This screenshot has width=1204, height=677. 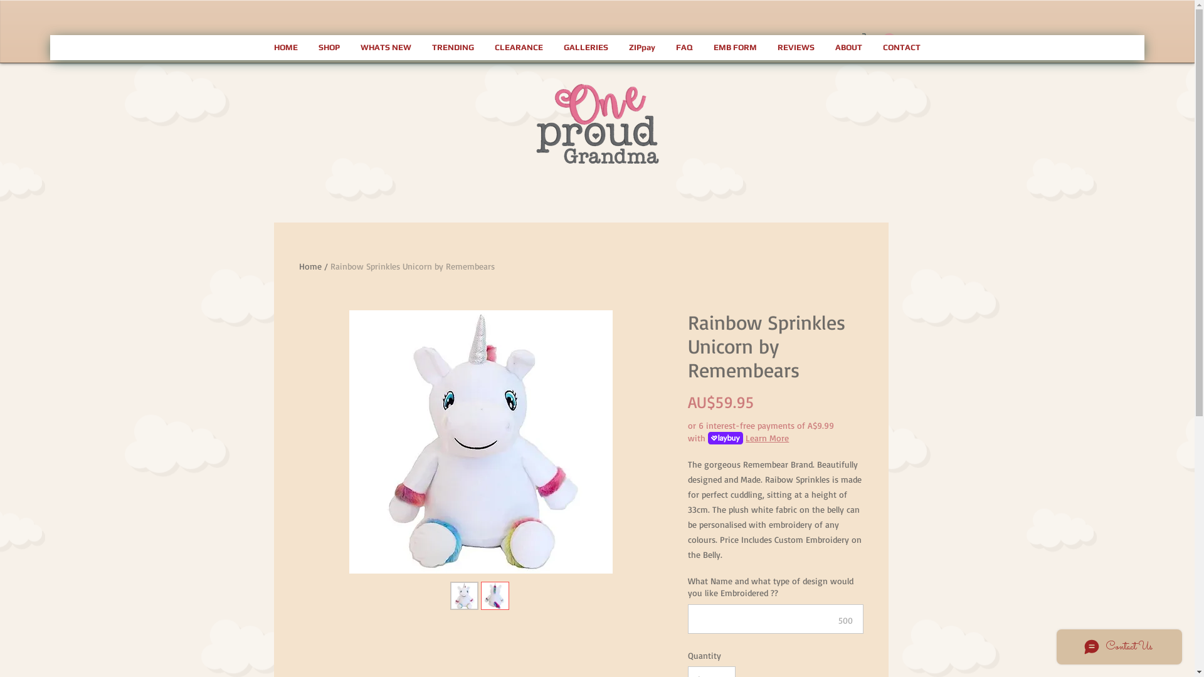 What do you see at coordinates (878, 39) in the screenshot?
I see `'0'` at bounding box center [878, 39].